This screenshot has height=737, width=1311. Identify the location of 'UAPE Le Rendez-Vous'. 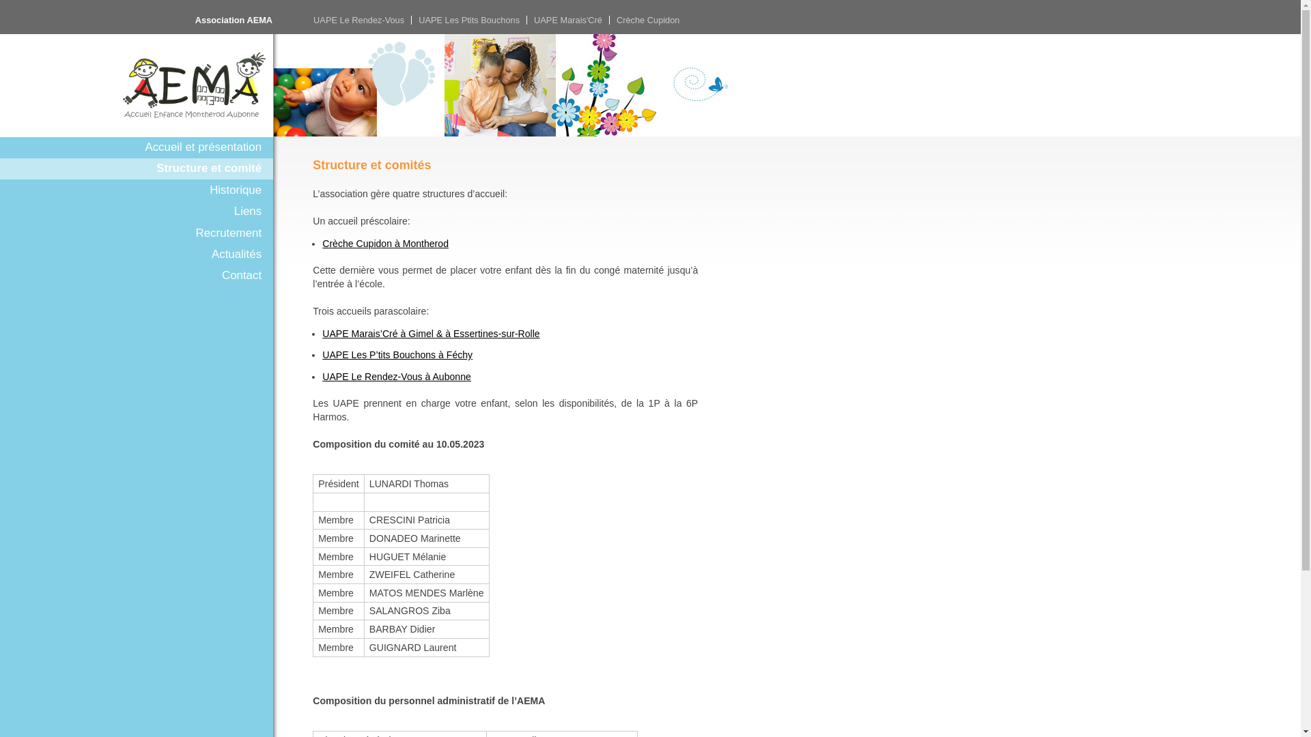
(358, 20).